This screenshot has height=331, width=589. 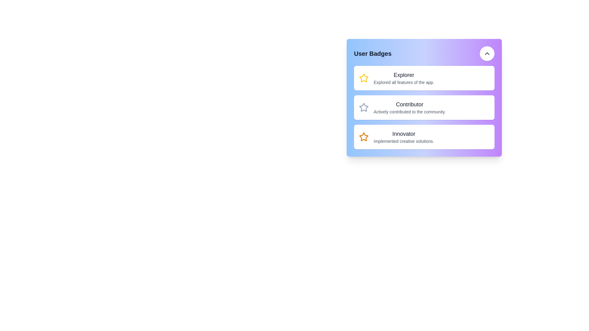 What do you see at coordinates (410, 104) in the screenshot?
I see `text 'Contributor' displayed in a bold font within the badge component, which is centrally aligned and stands out against a purple background` at bounding box center [410, 104].